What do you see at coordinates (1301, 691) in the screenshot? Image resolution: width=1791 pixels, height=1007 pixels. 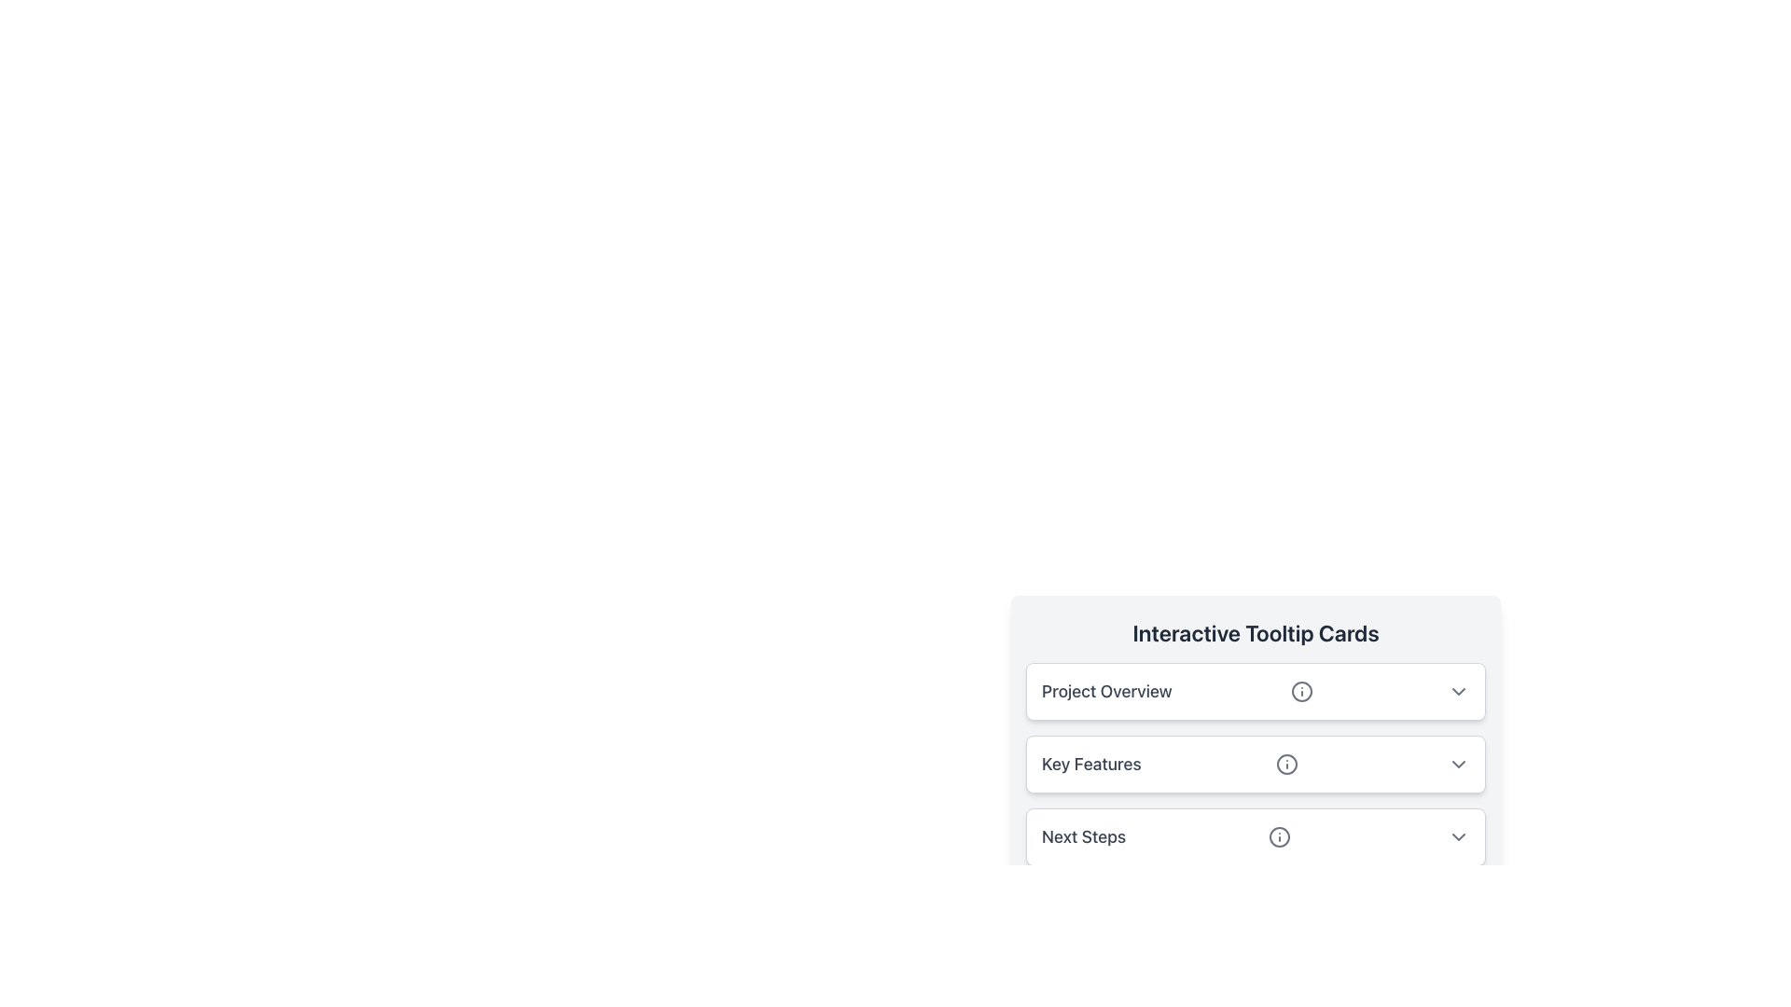 I see `the SVG element that serves as an informational indicator or tooltip trigger located to the right of the 'Project Overview' text in the interactive tooltip cards interface` at bounding box center [1301, 691].